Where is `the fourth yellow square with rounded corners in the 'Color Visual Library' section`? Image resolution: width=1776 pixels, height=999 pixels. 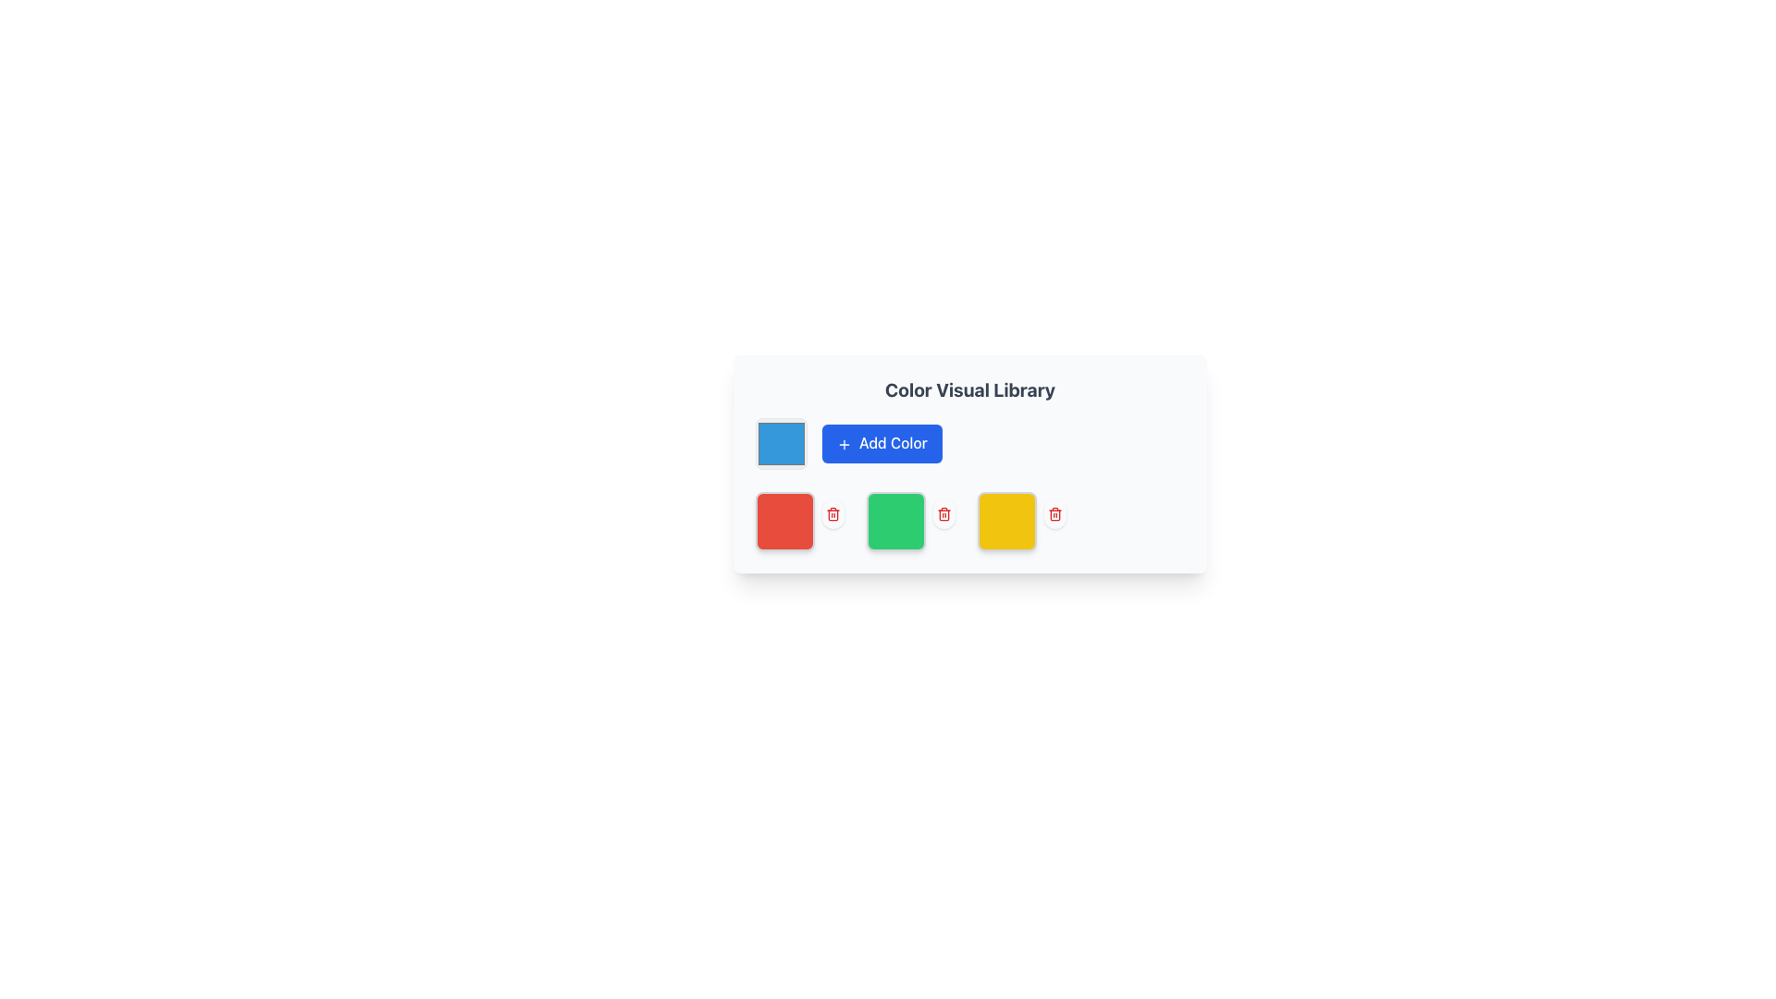
the fourth yellow square with rounded corners in the 'Color Visual Library' section is located at coordinates (1006, 521).